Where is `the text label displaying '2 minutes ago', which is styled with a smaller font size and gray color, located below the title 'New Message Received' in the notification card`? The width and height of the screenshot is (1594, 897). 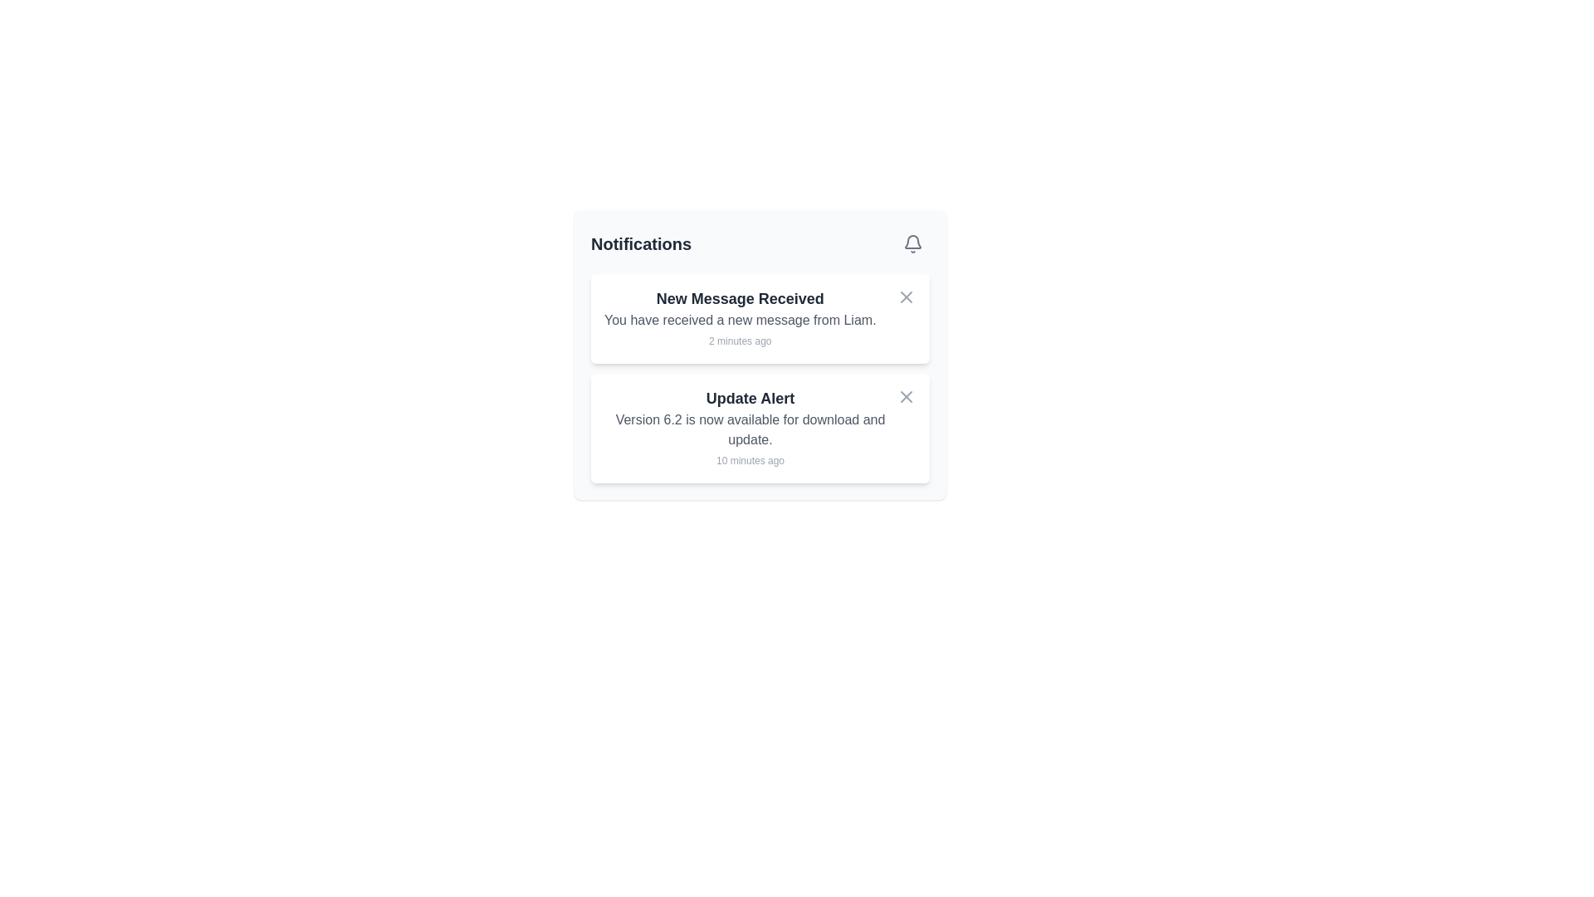
the text label displaying '2 minutes ago', which is styled with a smaller font size and gray color, located below the title 'New Message Received' in the notification card is located at coordinates (739, 341).